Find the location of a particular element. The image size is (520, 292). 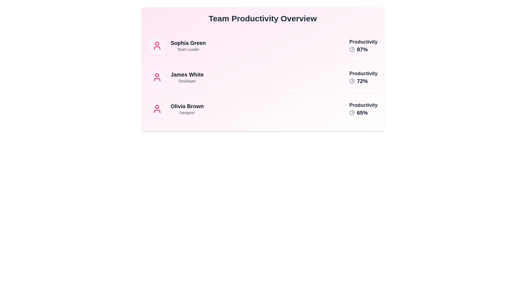

the static text label displaying the productivity percentage in the 'Team Productivity Overview' card, located to the right of the pie chart icon is located at coordinates (362, 49).